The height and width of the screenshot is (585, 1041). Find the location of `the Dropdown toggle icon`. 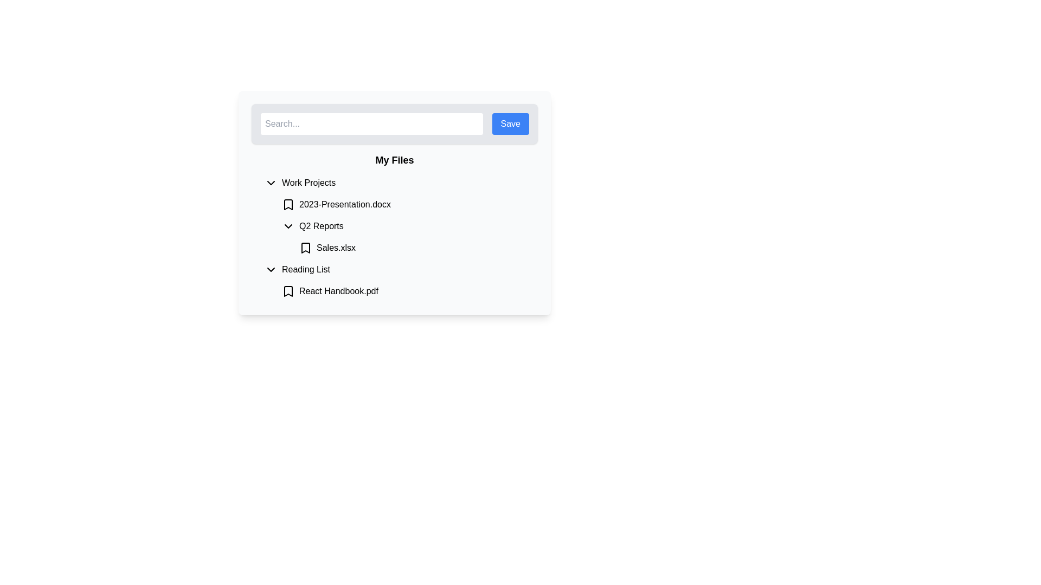

the Dropdown toggle icon is located at coordinates (271, 183).